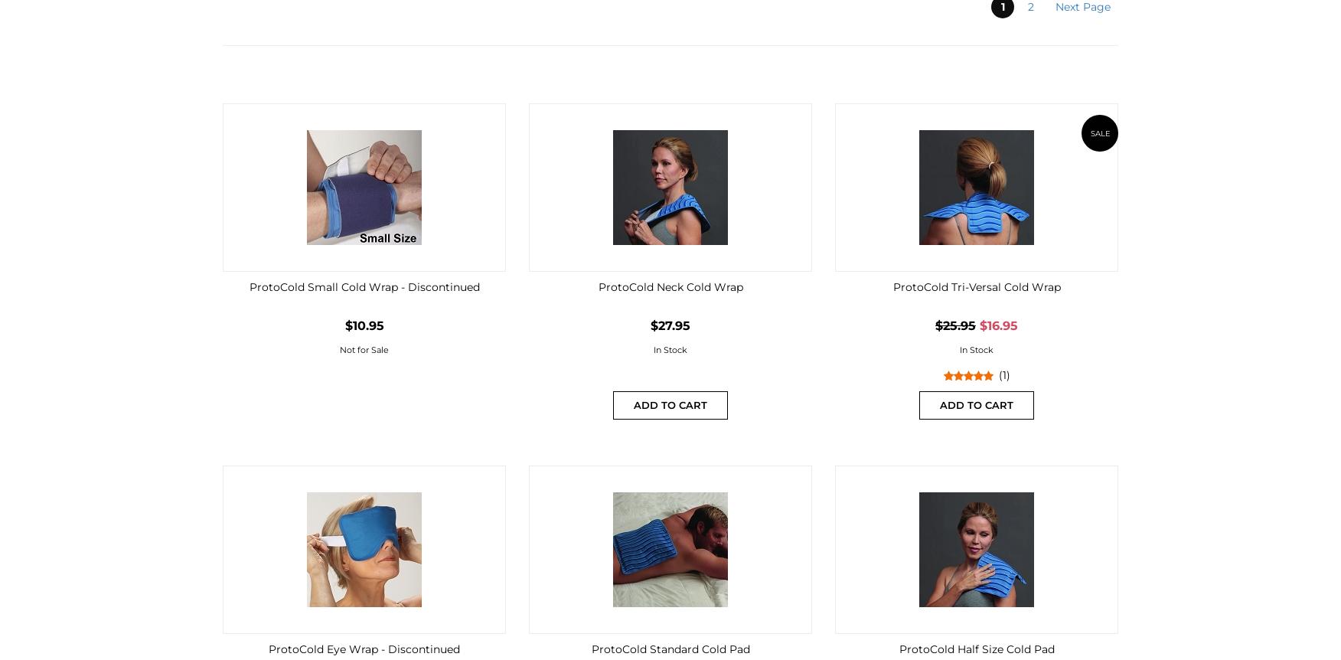 Image resolution: width=1341 pixels, height=660 pixels. I want to click on 'ProtoCold Eye Wrap - Discontinued', so click(364, 648).